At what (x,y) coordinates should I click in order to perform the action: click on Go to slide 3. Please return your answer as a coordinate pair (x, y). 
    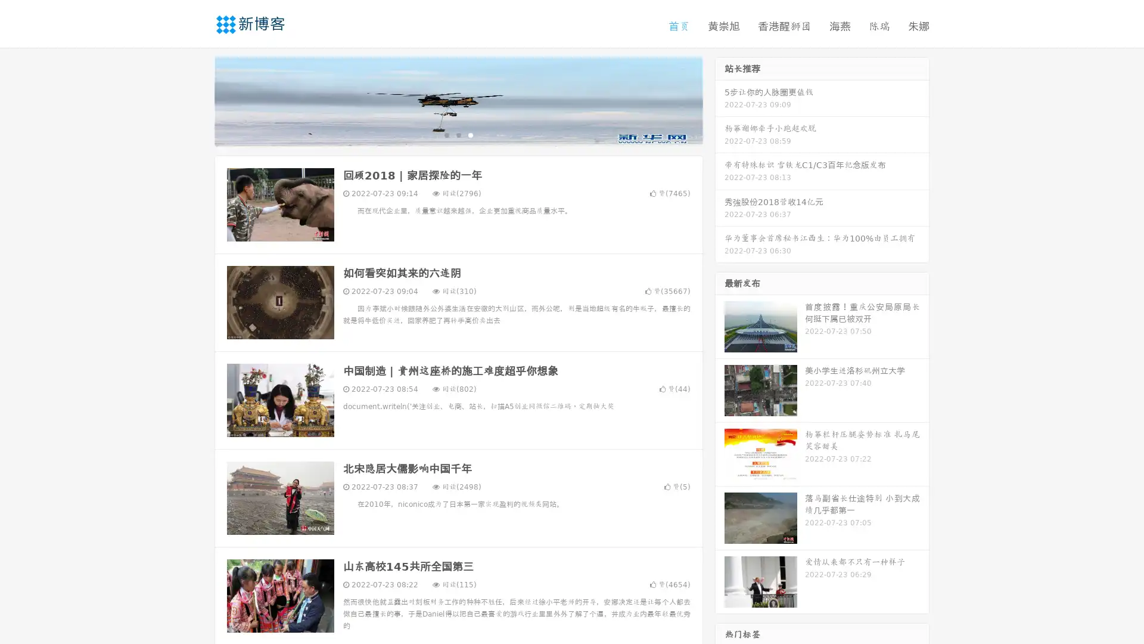
    Looking at the image, I should click on (470, 134).